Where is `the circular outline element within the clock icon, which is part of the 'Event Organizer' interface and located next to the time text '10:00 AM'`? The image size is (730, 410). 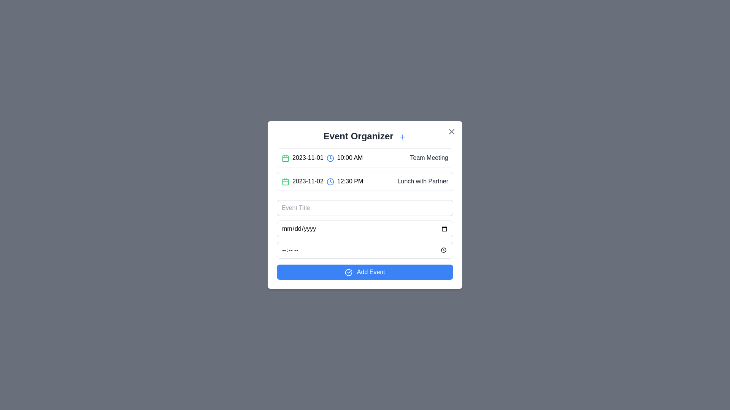 the circular outline element within the clock icon, which is part of the 'Event Organizer' interface and located next to the time text '10:00 AM' is located at coordinates (330, 158).